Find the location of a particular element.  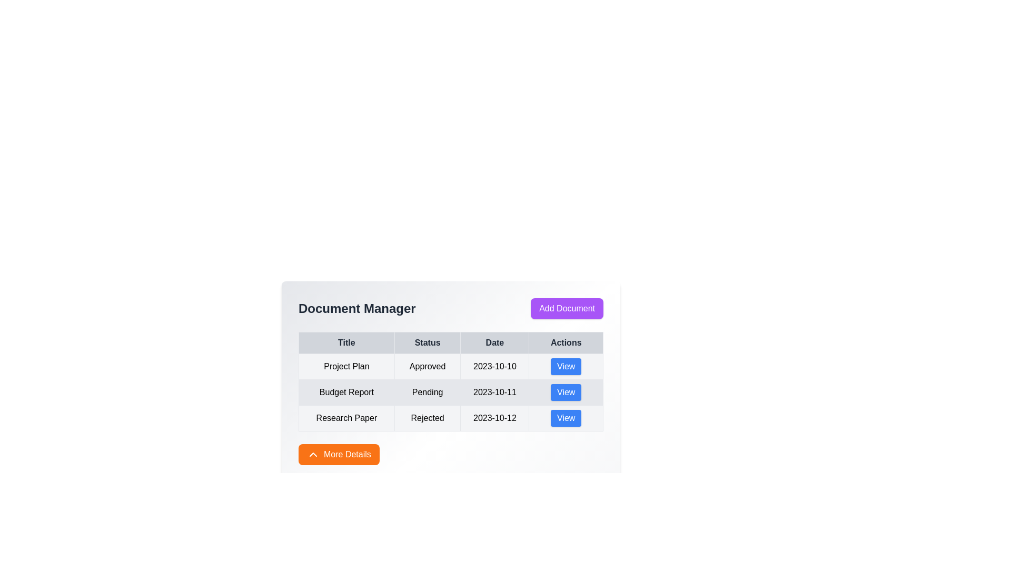

the 'View' button in the third row of the Document Manager table which contains the entry 'Research Paper' with status 'Rejected' and date '2023-10-12' is located at coordinates (451, 418).